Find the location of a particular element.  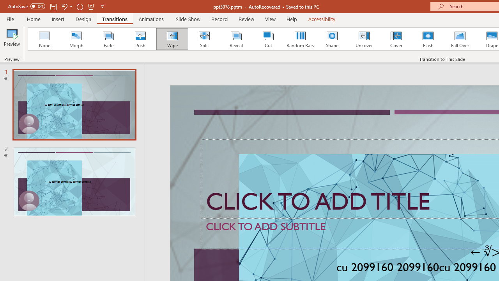

'Preview' is located at coordinates (12, 40).